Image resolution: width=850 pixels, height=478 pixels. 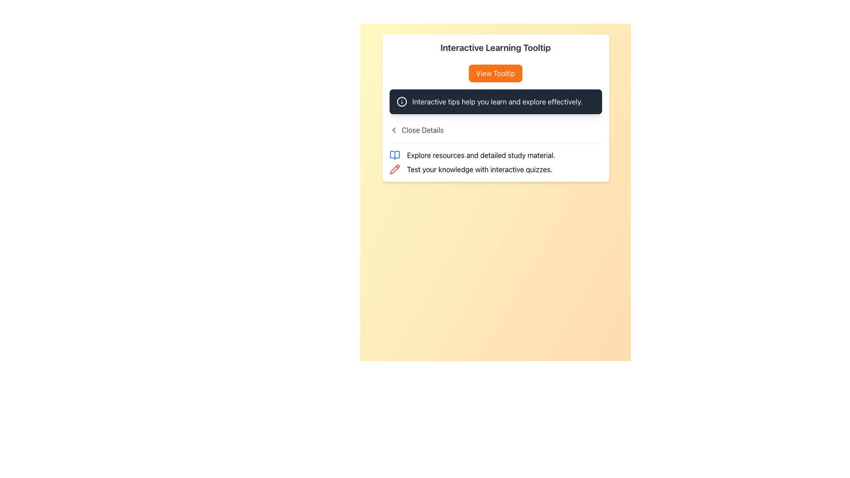 What do you see at coordinates (480, 155) in the screenshot?
I see `information presented in the Text label located to the right of the open book icon, beneath the 'Interactive Learning Tooltip' header` at bounding box center [480, 155].